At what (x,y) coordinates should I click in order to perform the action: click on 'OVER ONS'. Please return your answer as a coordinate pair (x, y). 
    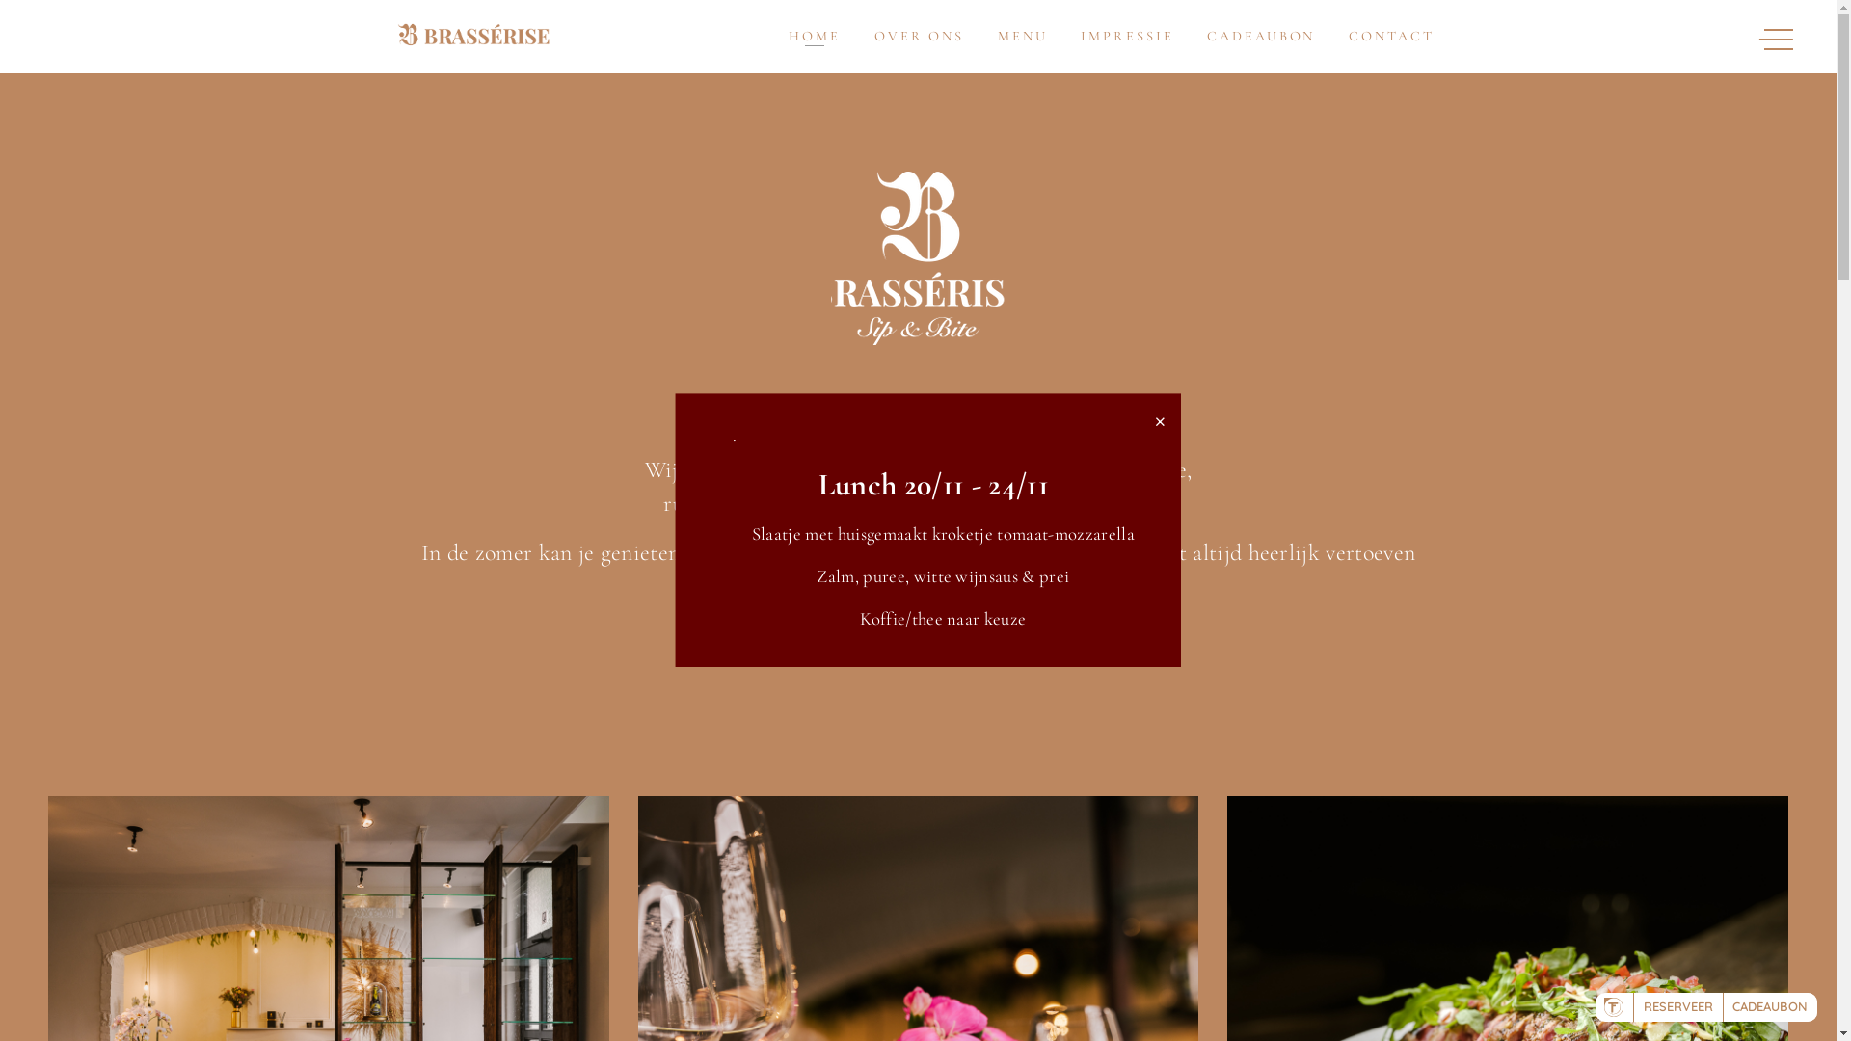
    Looking at the image, I should click on (873, 37).